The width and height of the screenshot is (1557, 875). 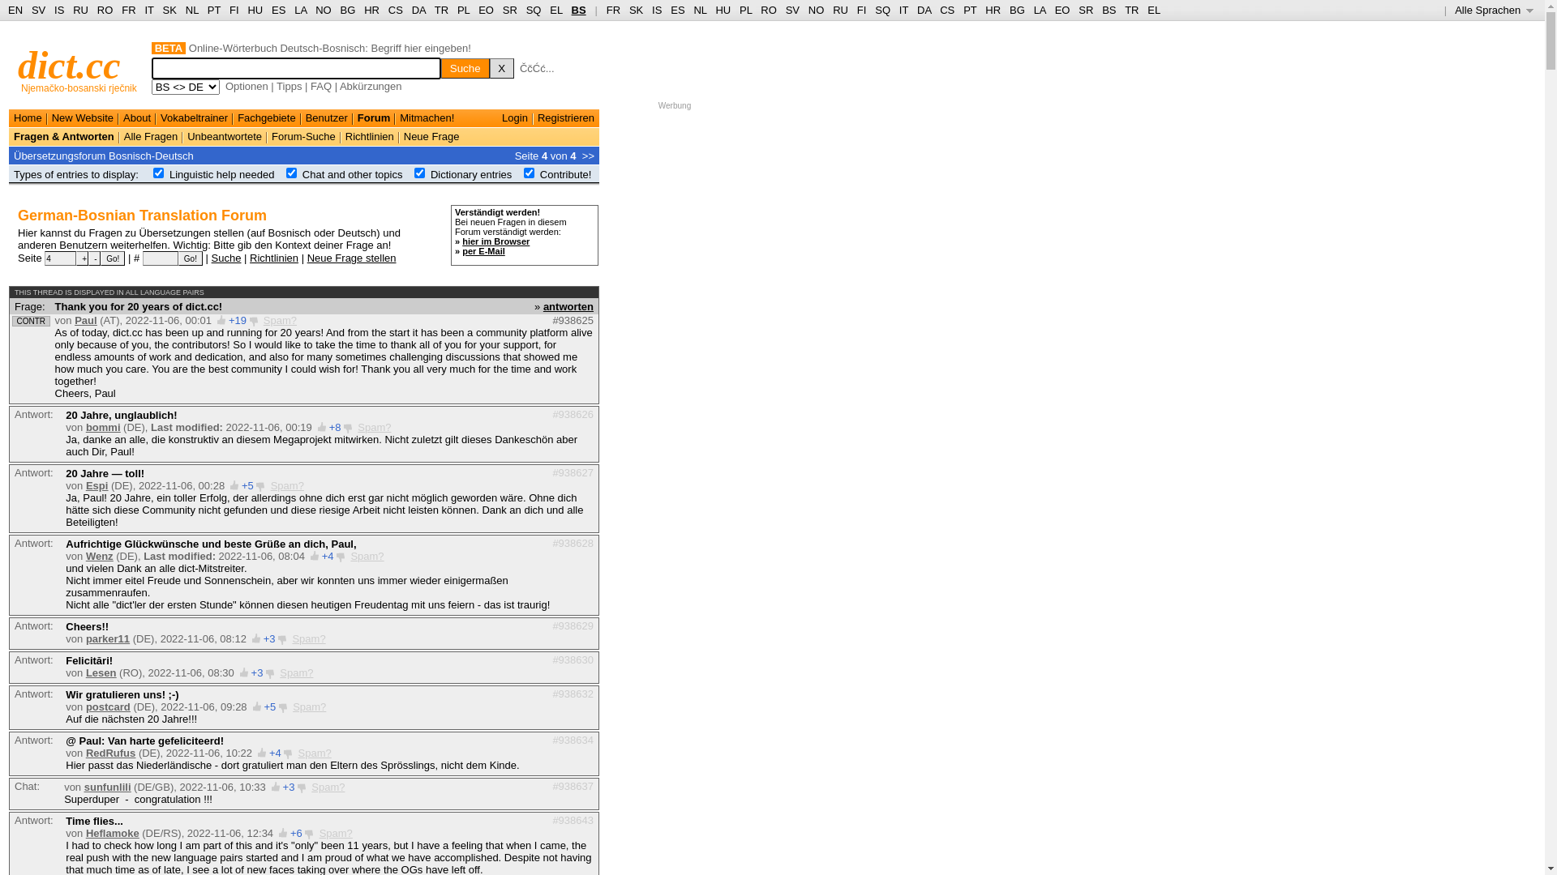 What do you see at coordinates (722, 10) in the screenshot?
I see `'HU'` at bounding box center [722, 10].